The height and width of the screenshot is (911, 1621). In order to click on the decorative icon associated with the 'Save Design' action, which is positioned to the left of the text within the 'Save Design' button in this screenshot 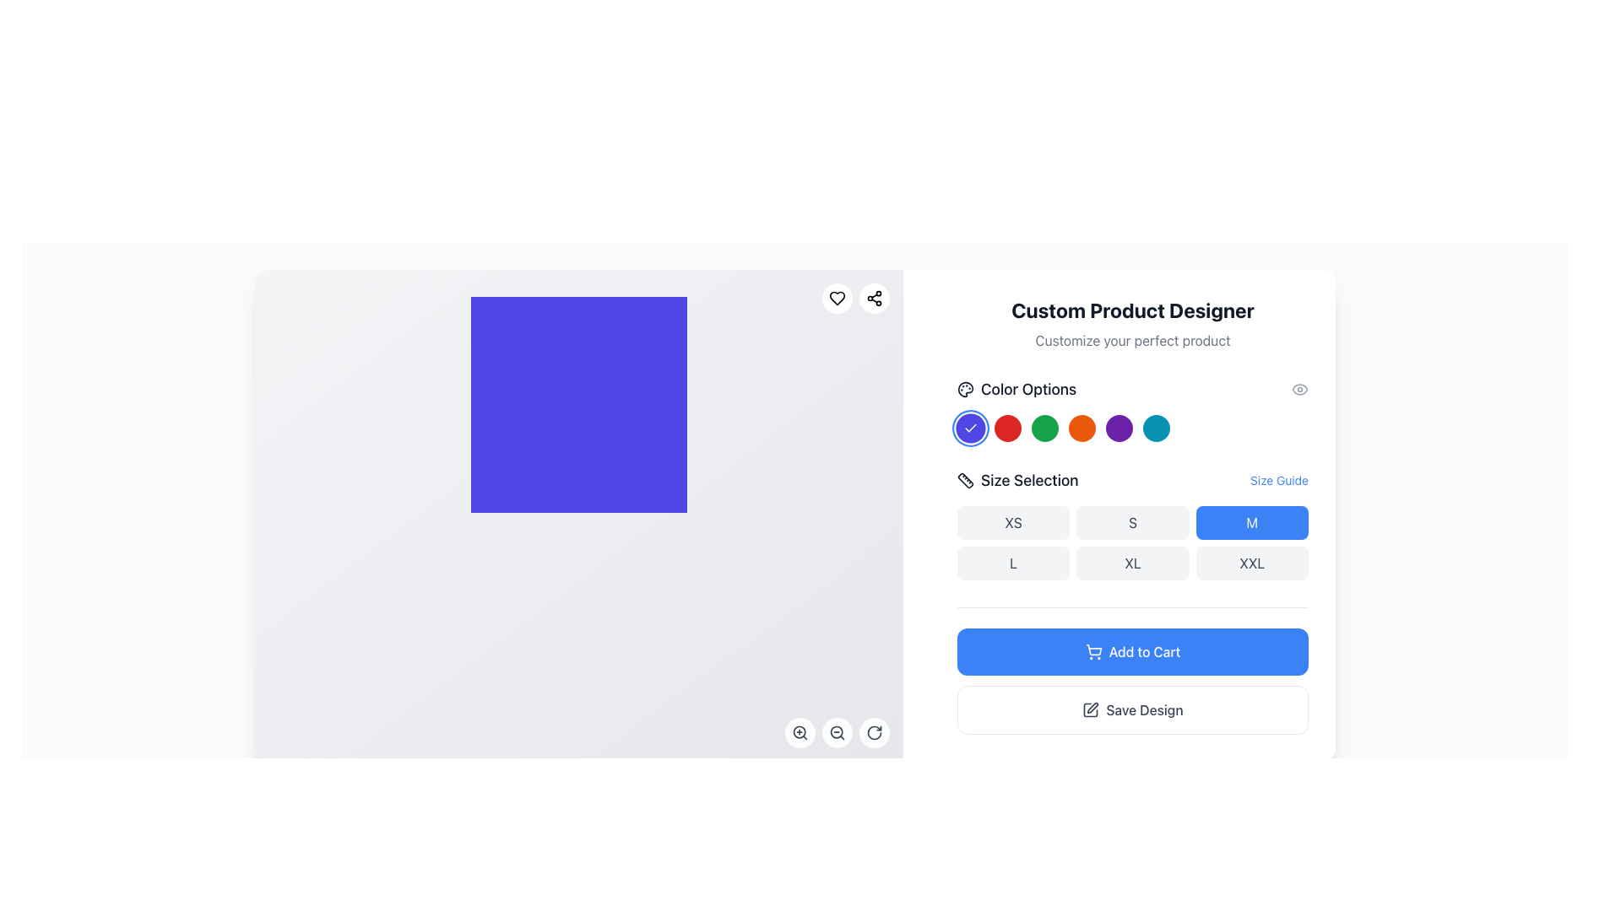, I will do `click(1091, 709)`.